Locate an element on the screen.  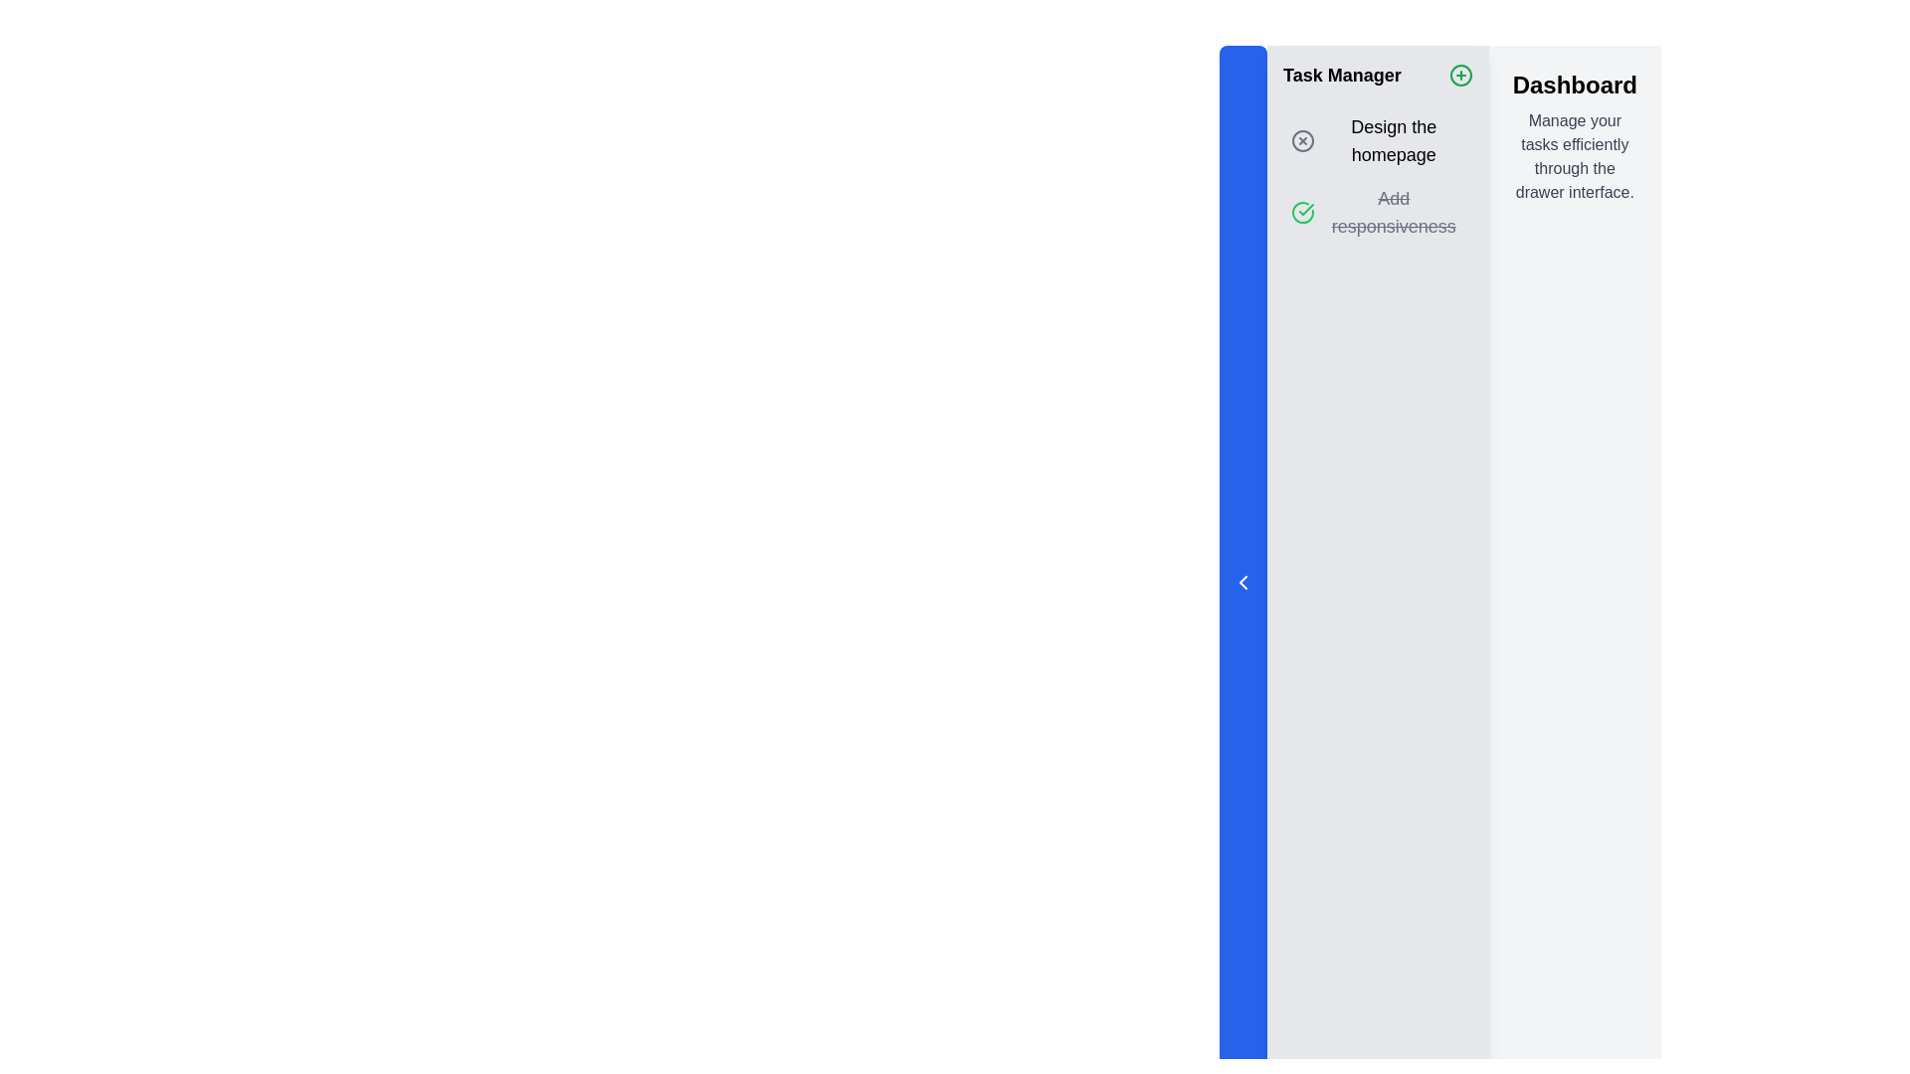
the green plus icon located to the right of the 'Task Manager' text in the header section is located at coordinates (1377, 75).